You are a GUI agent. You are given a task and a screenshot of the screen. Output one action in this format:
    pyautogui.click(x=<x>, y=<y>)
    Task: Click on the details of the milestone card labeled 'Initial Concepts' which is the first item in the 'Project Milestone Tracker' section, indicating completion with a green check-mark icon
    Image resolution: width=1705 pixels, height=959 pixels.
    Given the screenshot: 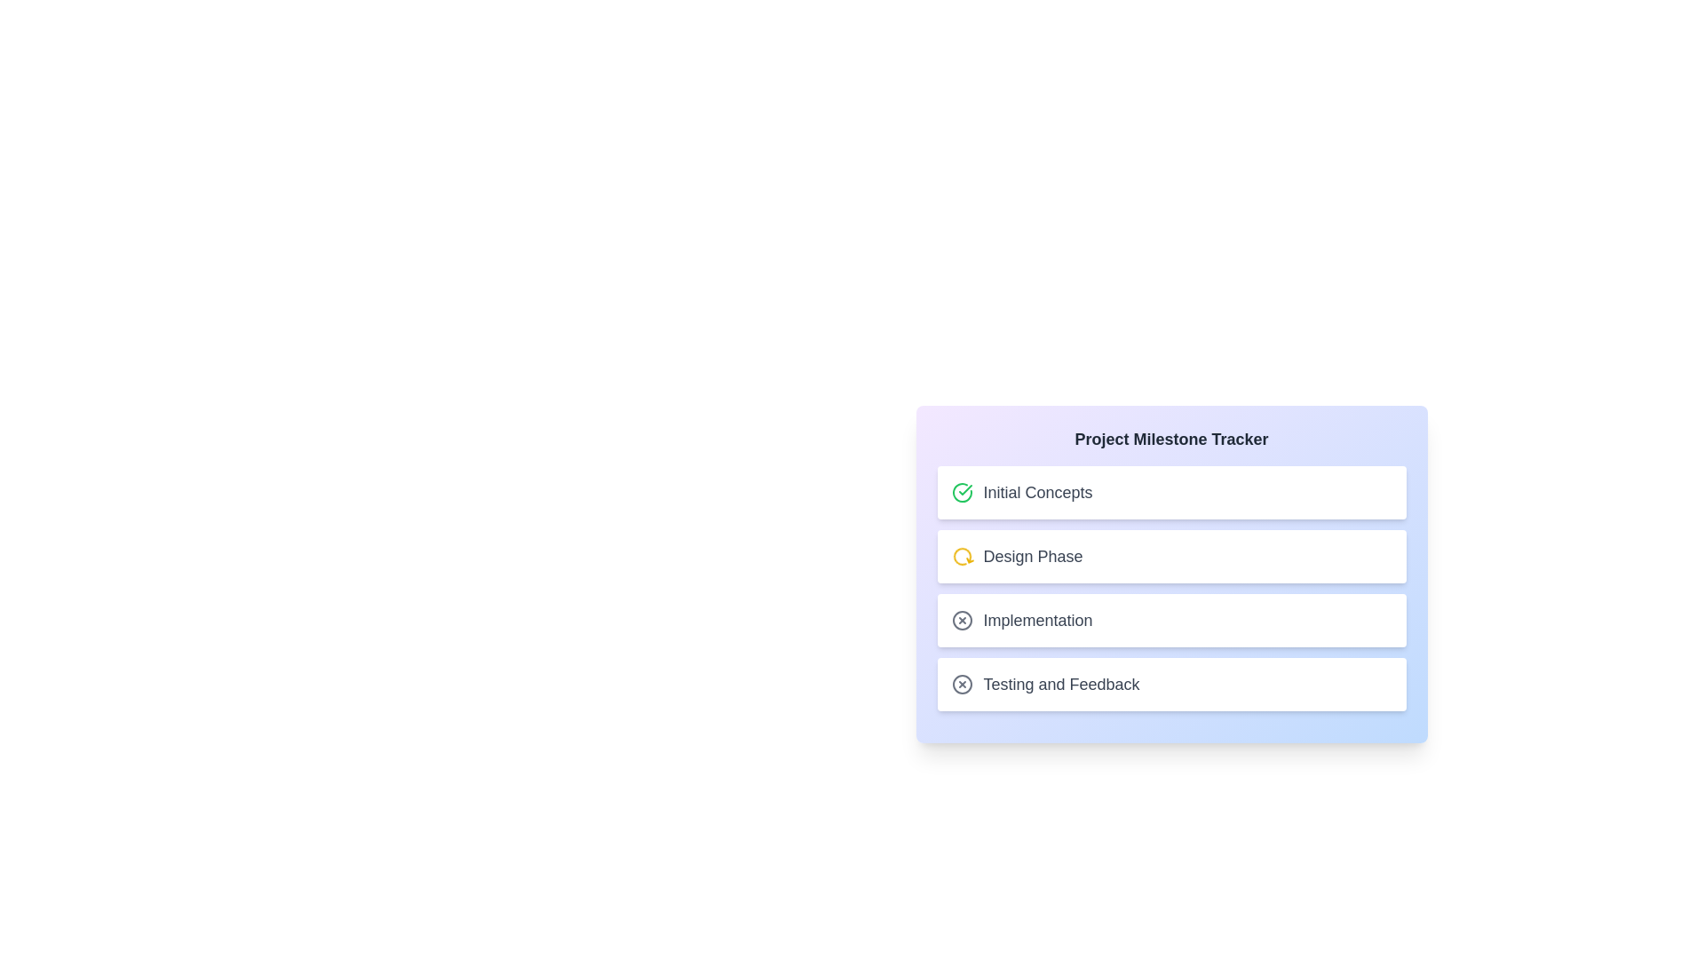 What is the action you would take?
    pyautogui.click(x=1171, y=493)
    